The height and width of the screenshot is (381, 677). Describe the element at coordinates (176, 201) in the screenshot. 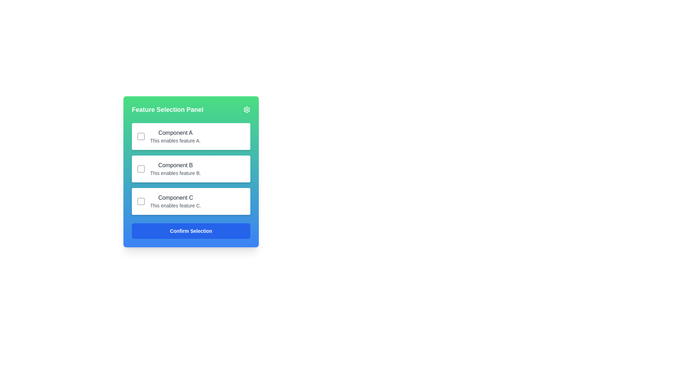

I see `the text label that describes 'Component C' in the 'Feature Selection Panel', which is located below 'Component A' and 'Component B' and above the 'Confirm Selection' button` at that location.